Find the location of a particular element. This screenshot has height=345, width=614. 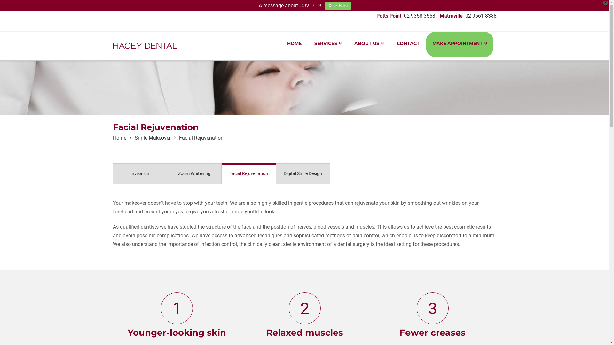

'Invisalign' is located at coordinates (112, 173).